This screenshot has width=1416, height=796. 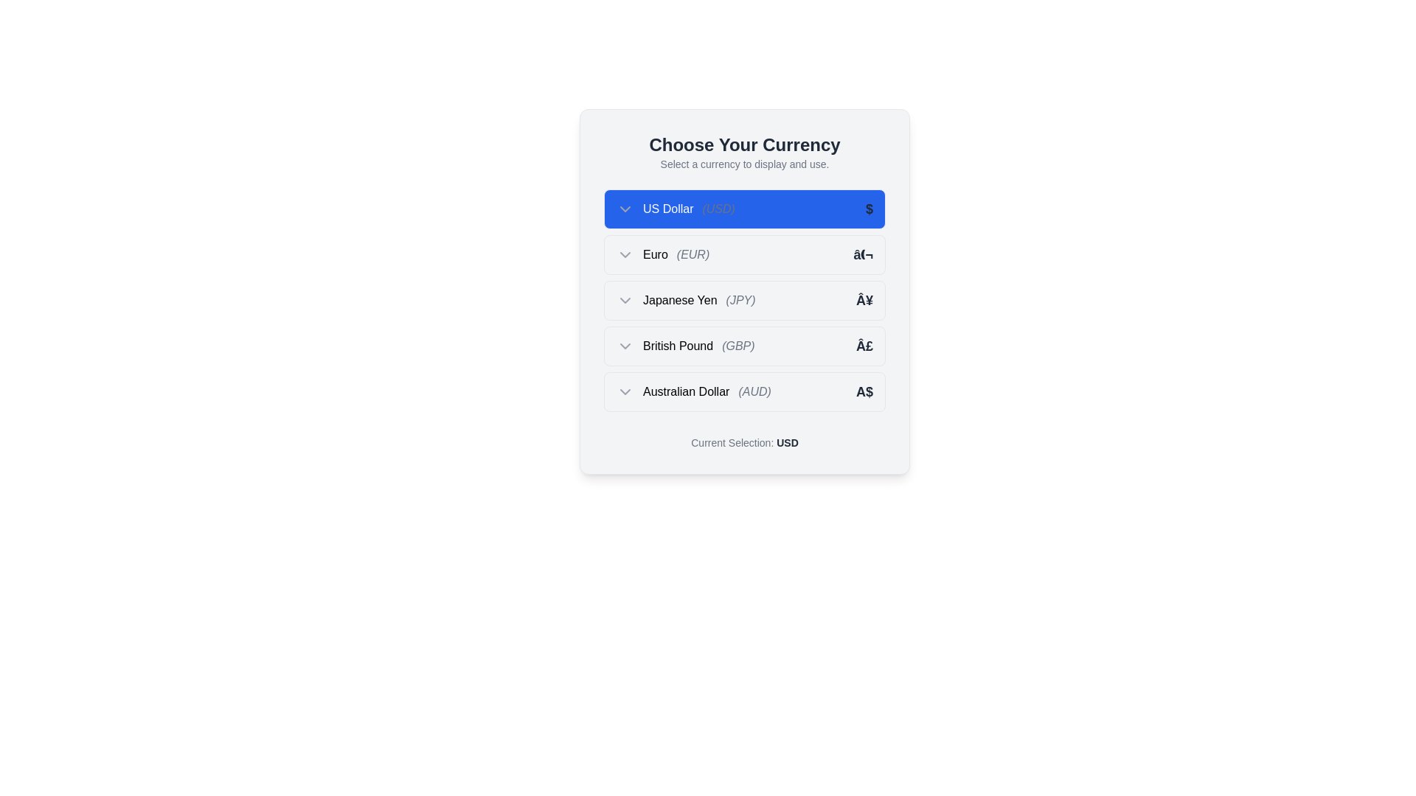 I want to click on the downward-pointing chevron icon located to the left of the 'US Dollar (USD)' text in the first row of the 'Choose Your Currency' dropdown menu, so click(x=625, y=209).